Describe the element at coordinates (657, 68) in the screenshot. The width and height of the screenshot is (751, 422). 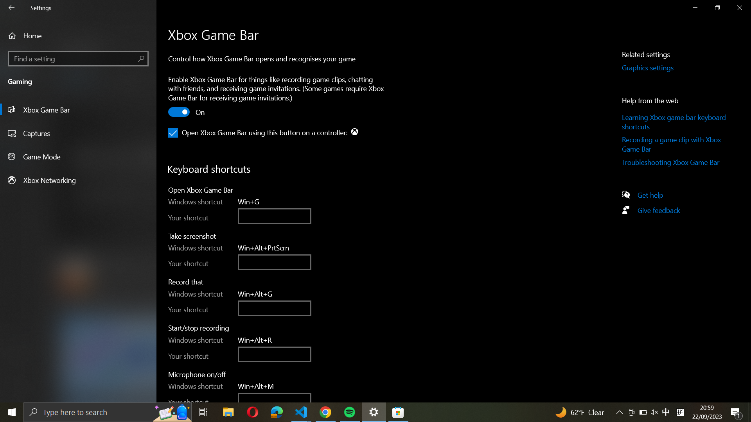
I see `the Graphics Settings by tapping on the associated button present on the right panel` at that location.